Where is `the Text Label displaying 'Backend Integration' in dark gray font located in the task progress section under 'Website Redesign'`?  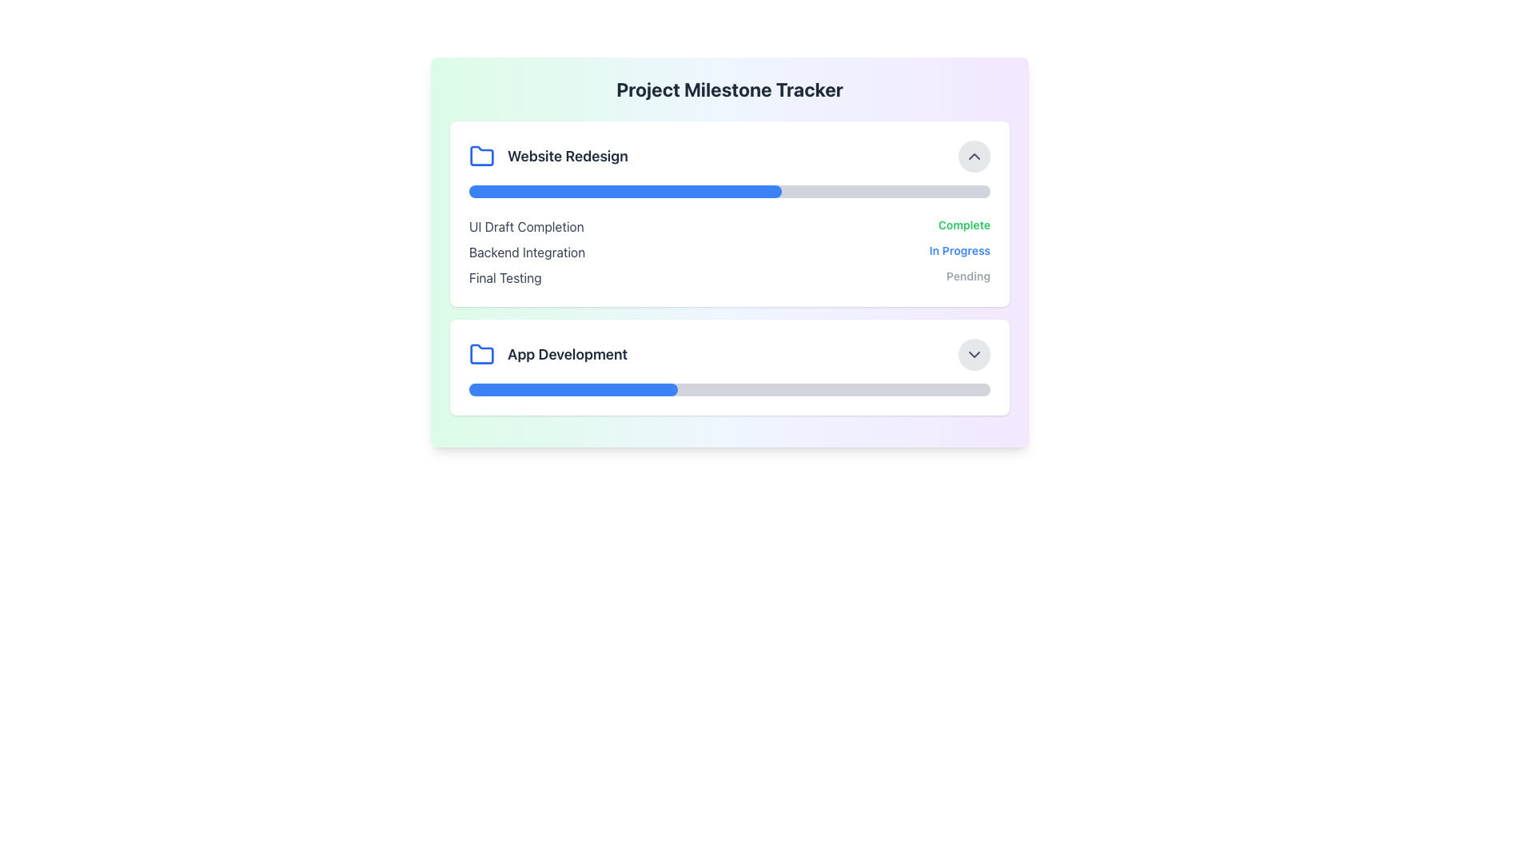 the Text Label displaying 'Backend Integration' in dark gray font located in the task progress section under 'Website Redesign' is located at coordinates (527, 252).